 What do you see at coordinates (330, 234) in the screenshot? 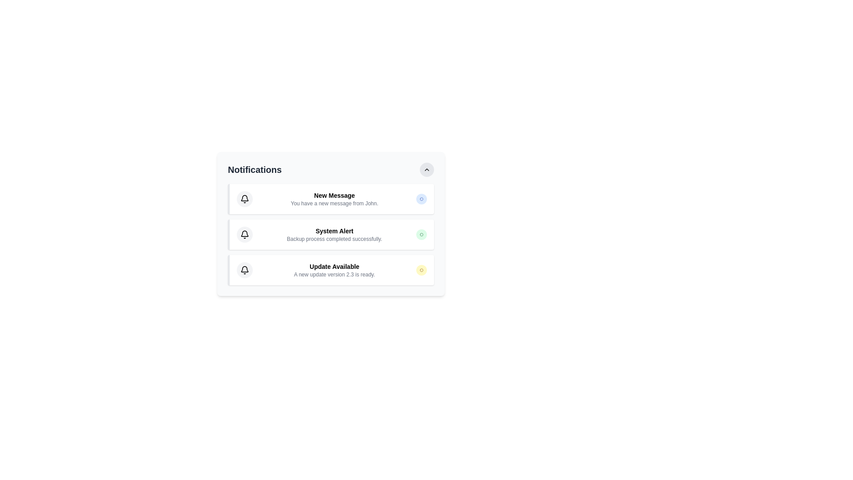
I see `the second notification card in the 'Notifications' section that indicates the successful completion of a backup process` at bounding box center [330, 234].